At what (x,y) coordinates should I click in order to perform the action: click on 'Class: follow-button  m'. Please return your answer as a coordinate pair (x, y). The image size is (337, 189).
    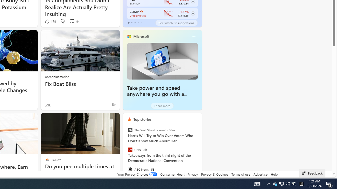
    Looking at the image, I should click on (192, 13).